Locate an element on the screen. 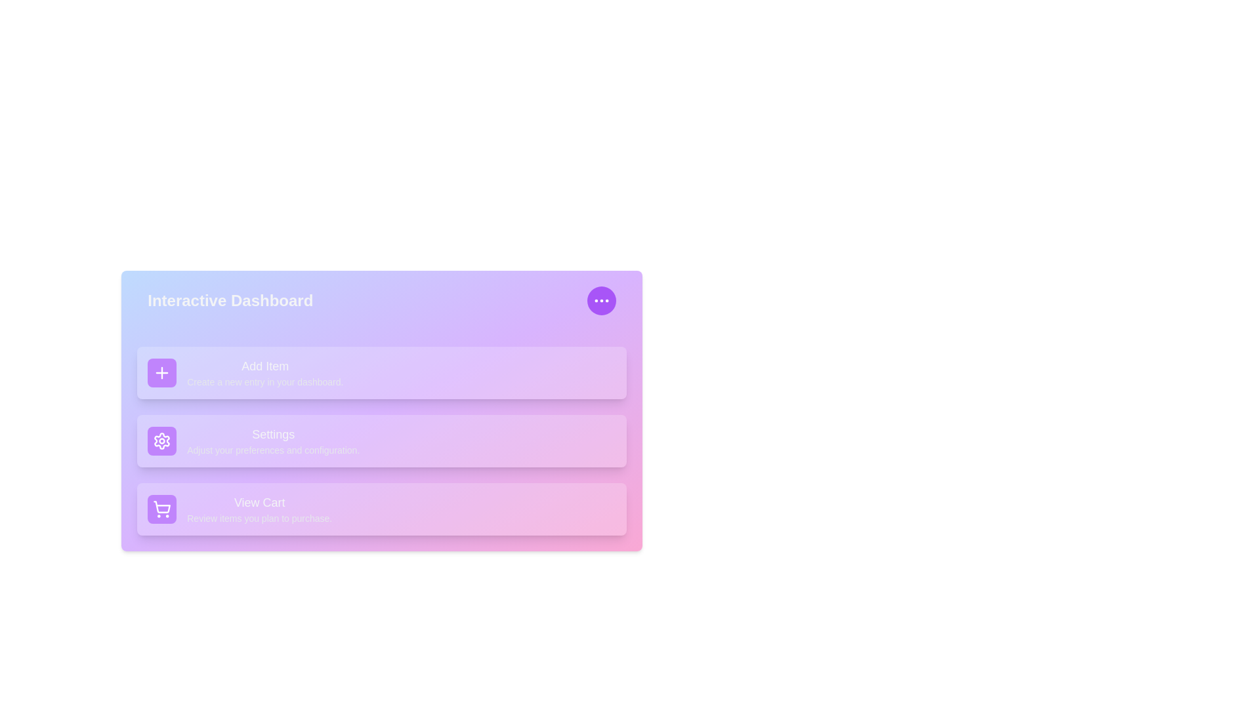  button in the header to toggle the menu visibility is located at coordinates (600, 301).